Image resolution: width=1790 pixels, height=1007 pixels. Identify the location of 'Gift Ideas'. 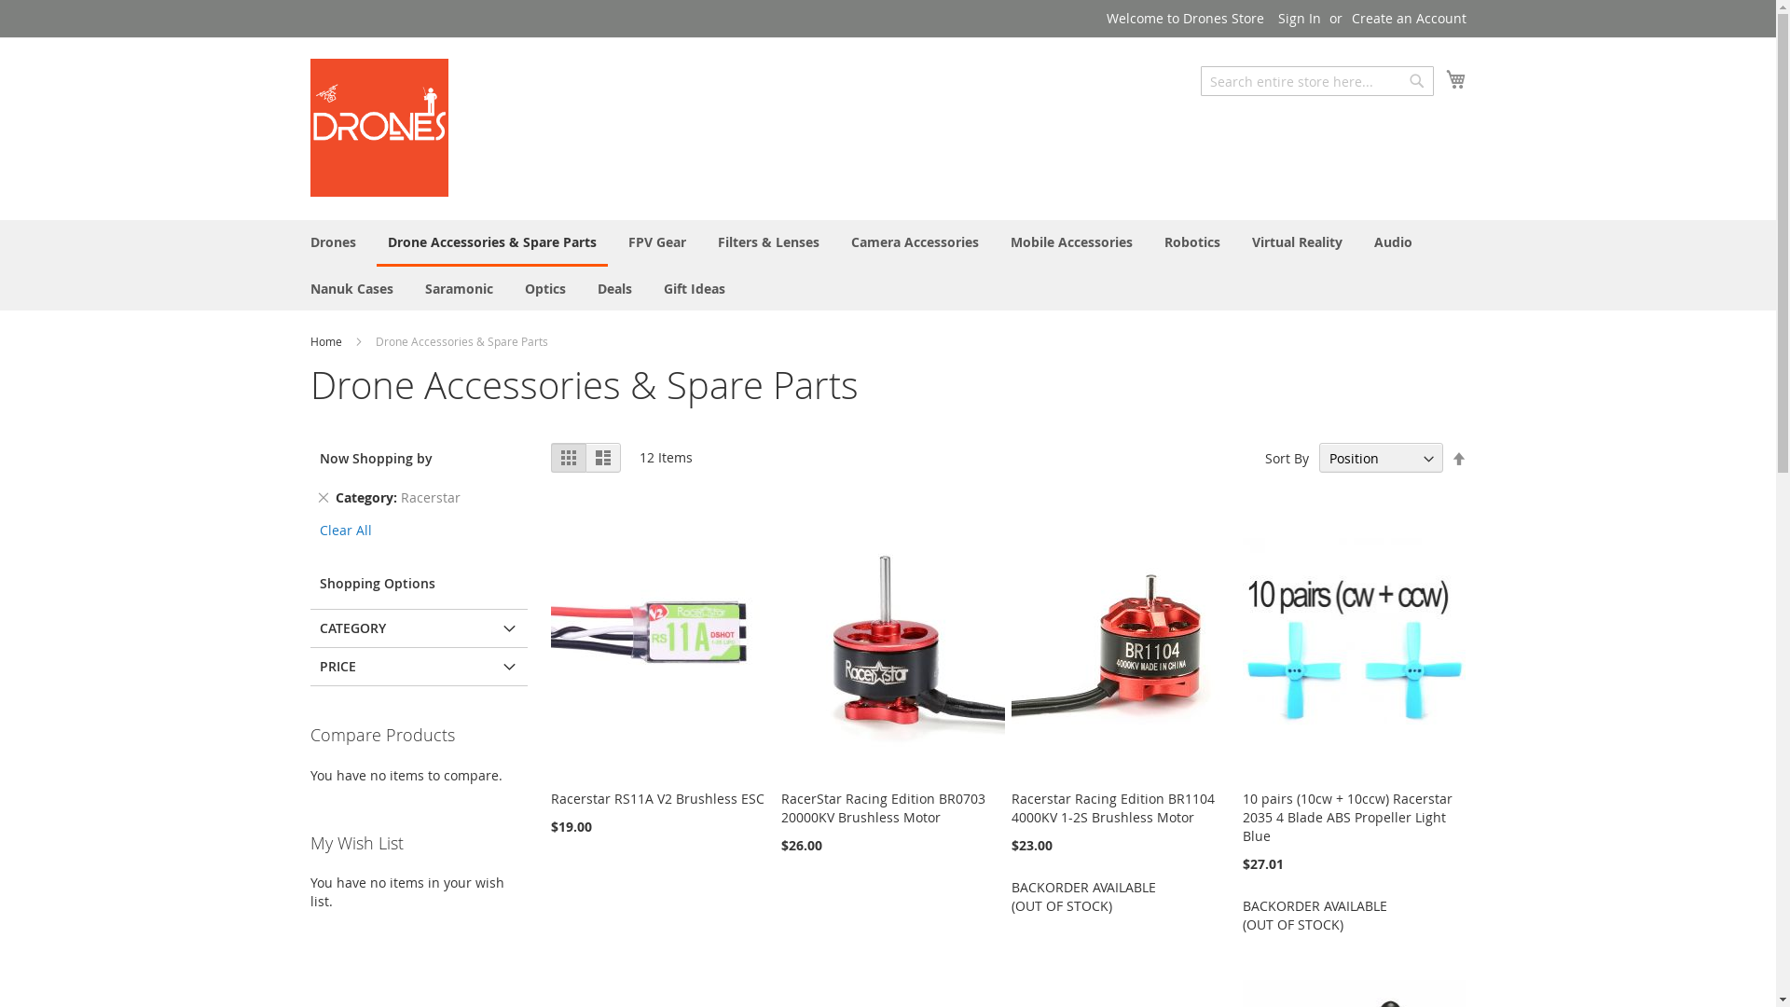
(653, 288).